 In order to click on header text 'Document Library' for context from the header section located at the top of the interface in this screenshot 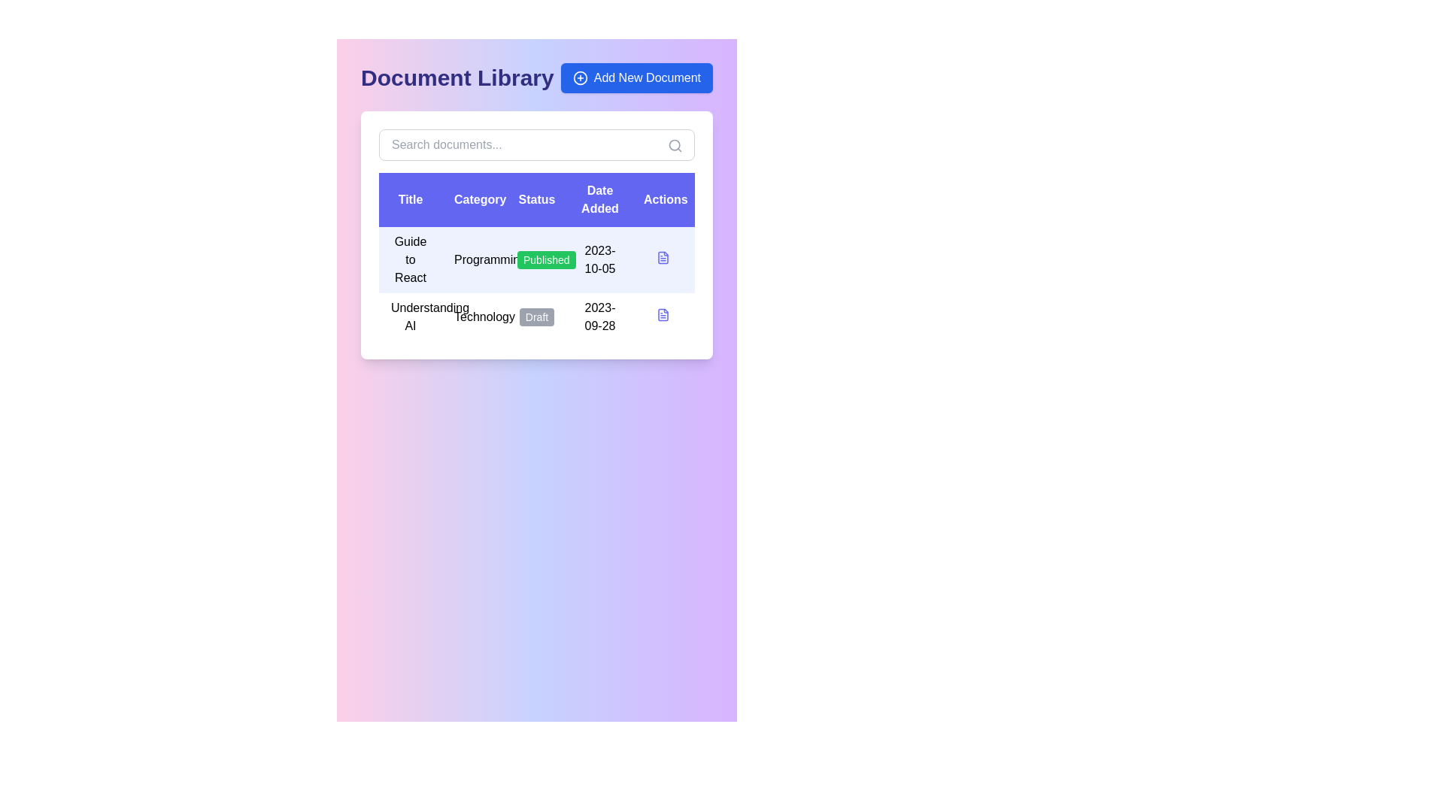, I will do `click(537, 78)`.